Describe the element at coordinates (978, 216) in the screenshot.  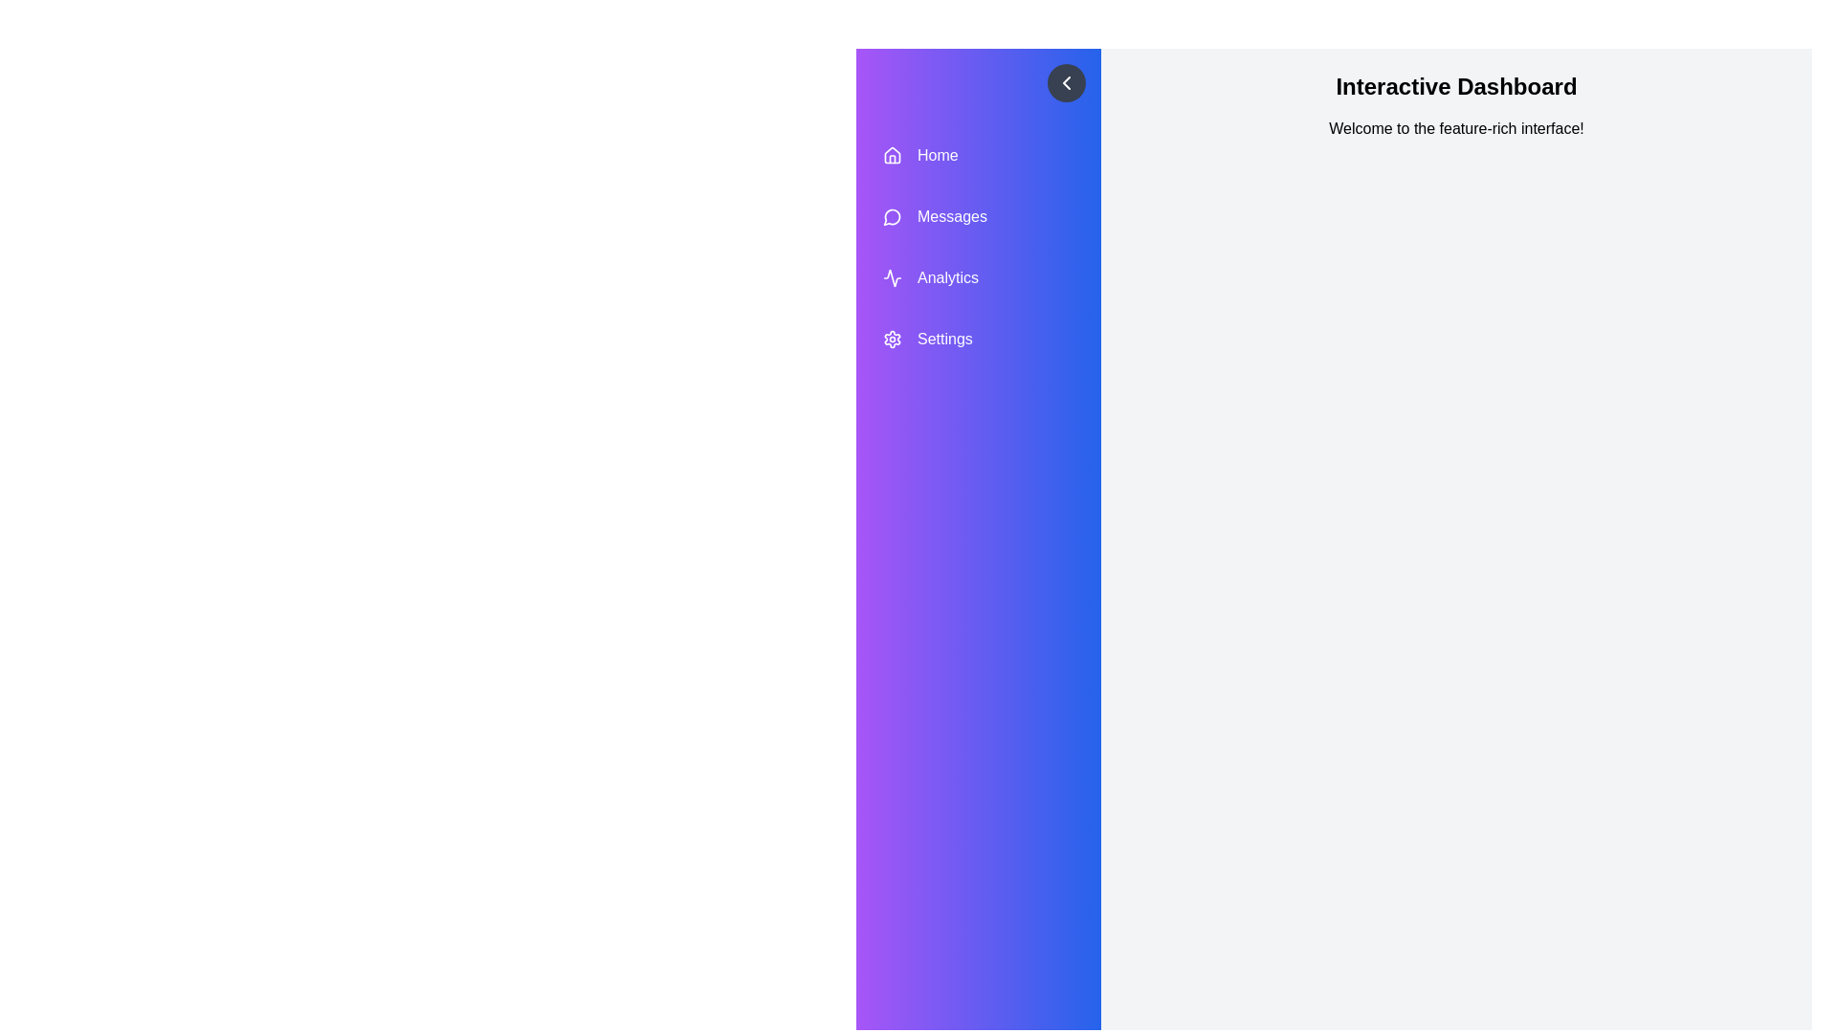
I see `the menu item Messages to highlight it visually` at that location.